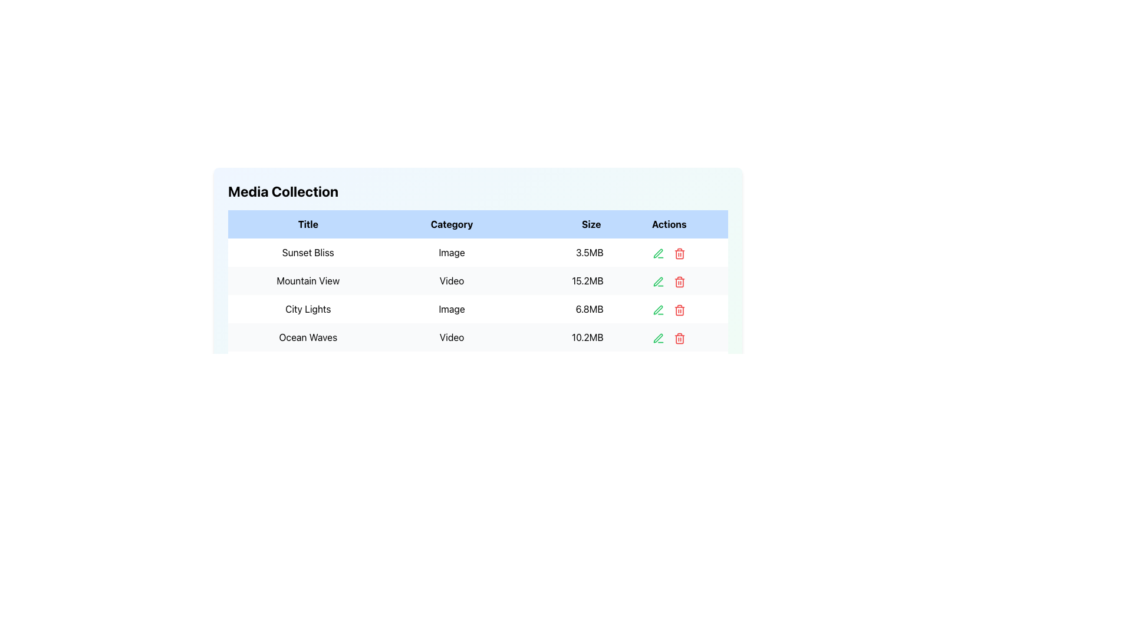  I want to click on the main body of the trash bin icon located in the Actions column of a table row, which is used for delete actions, so click(680, 254).